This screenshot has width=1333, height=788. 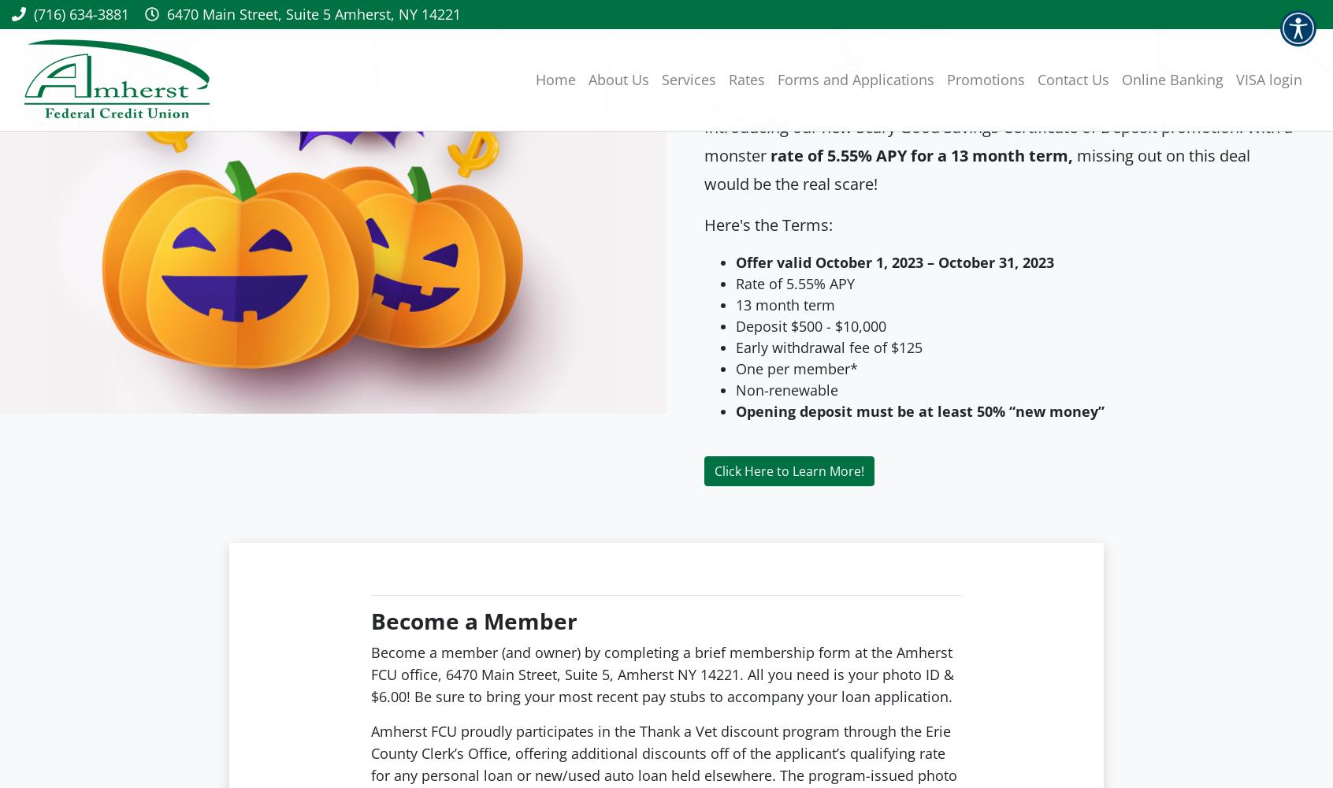 I want to click on 'Services', so click(x=688, y=79).